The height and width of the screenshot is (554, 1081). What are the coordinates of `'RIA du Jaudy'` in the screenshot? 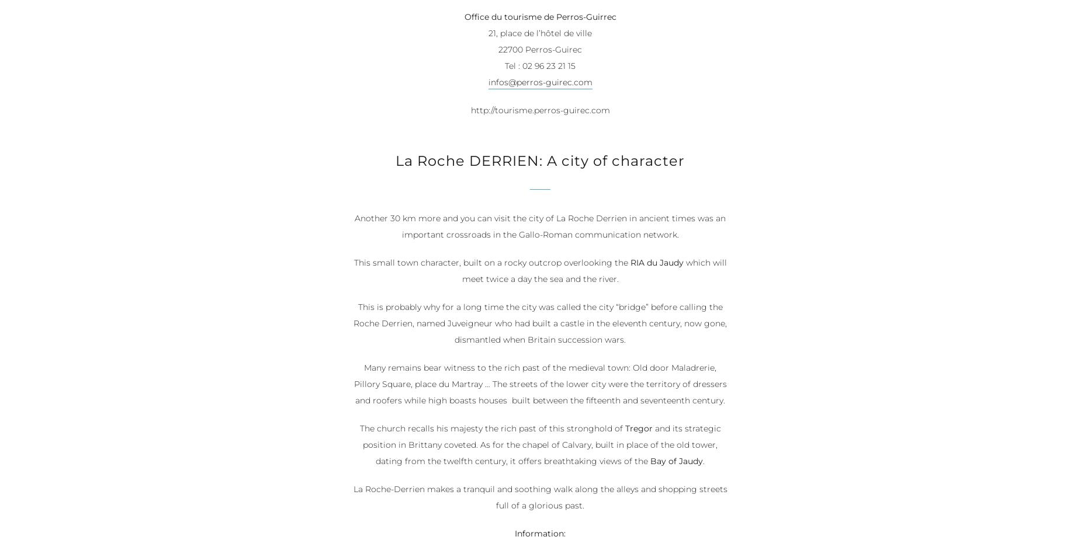 It's located at (656, 263).